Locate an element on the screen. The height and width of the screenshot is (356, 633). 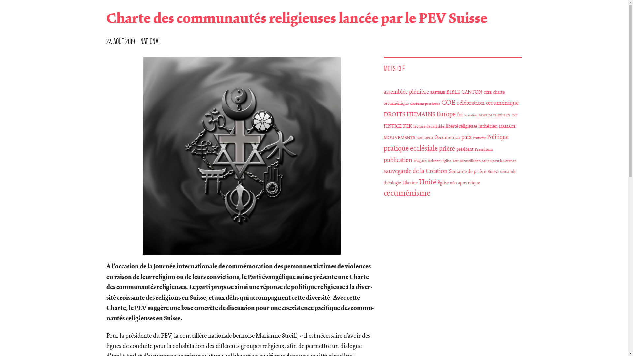
'formation' is located at coordinates (470, 115).